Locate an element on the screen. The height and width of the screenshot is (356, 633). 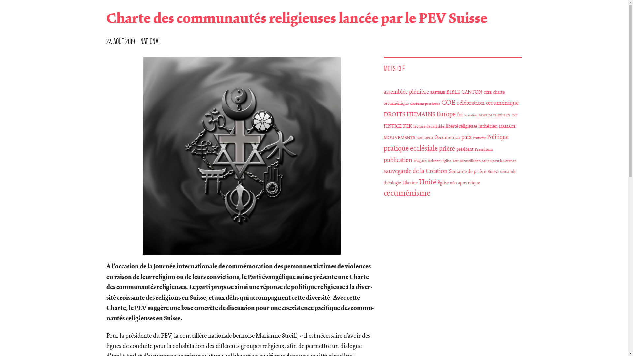
'formation' is located at coordinates (470, 115).